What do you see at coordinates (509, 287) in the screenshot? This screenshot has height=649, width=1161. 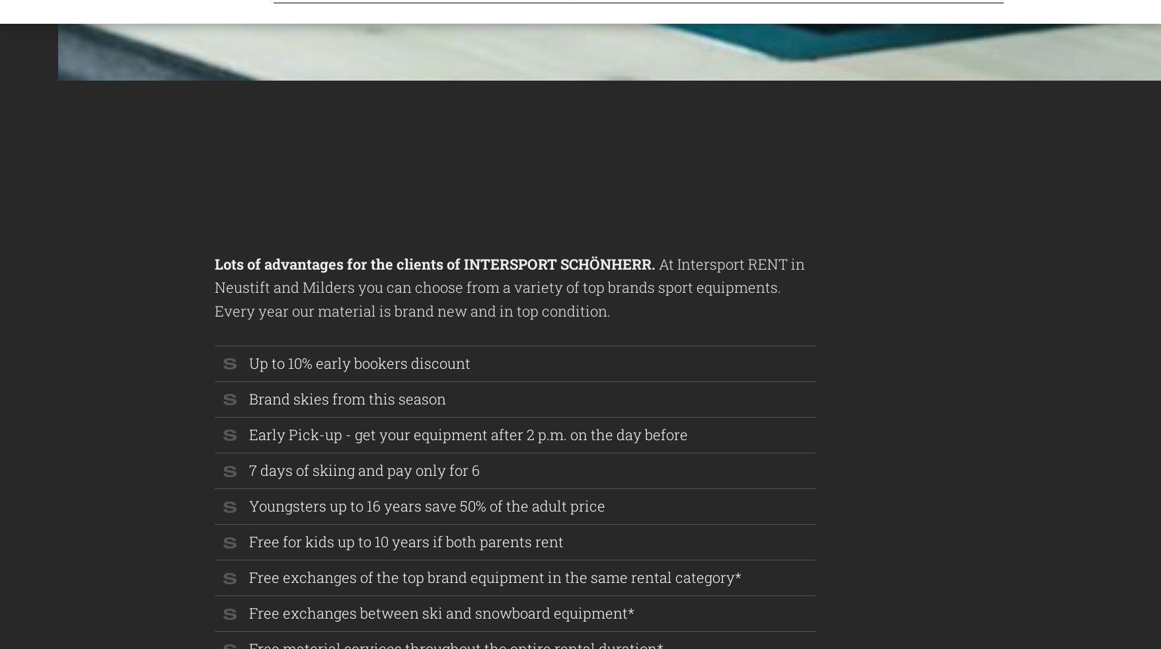 I see `'At Intersport RENT in Neustift and Milders you can choose from a variety of top brands sport equipments. Every year our material is brand new and in top condition.'` at bounding box center [509, 287].